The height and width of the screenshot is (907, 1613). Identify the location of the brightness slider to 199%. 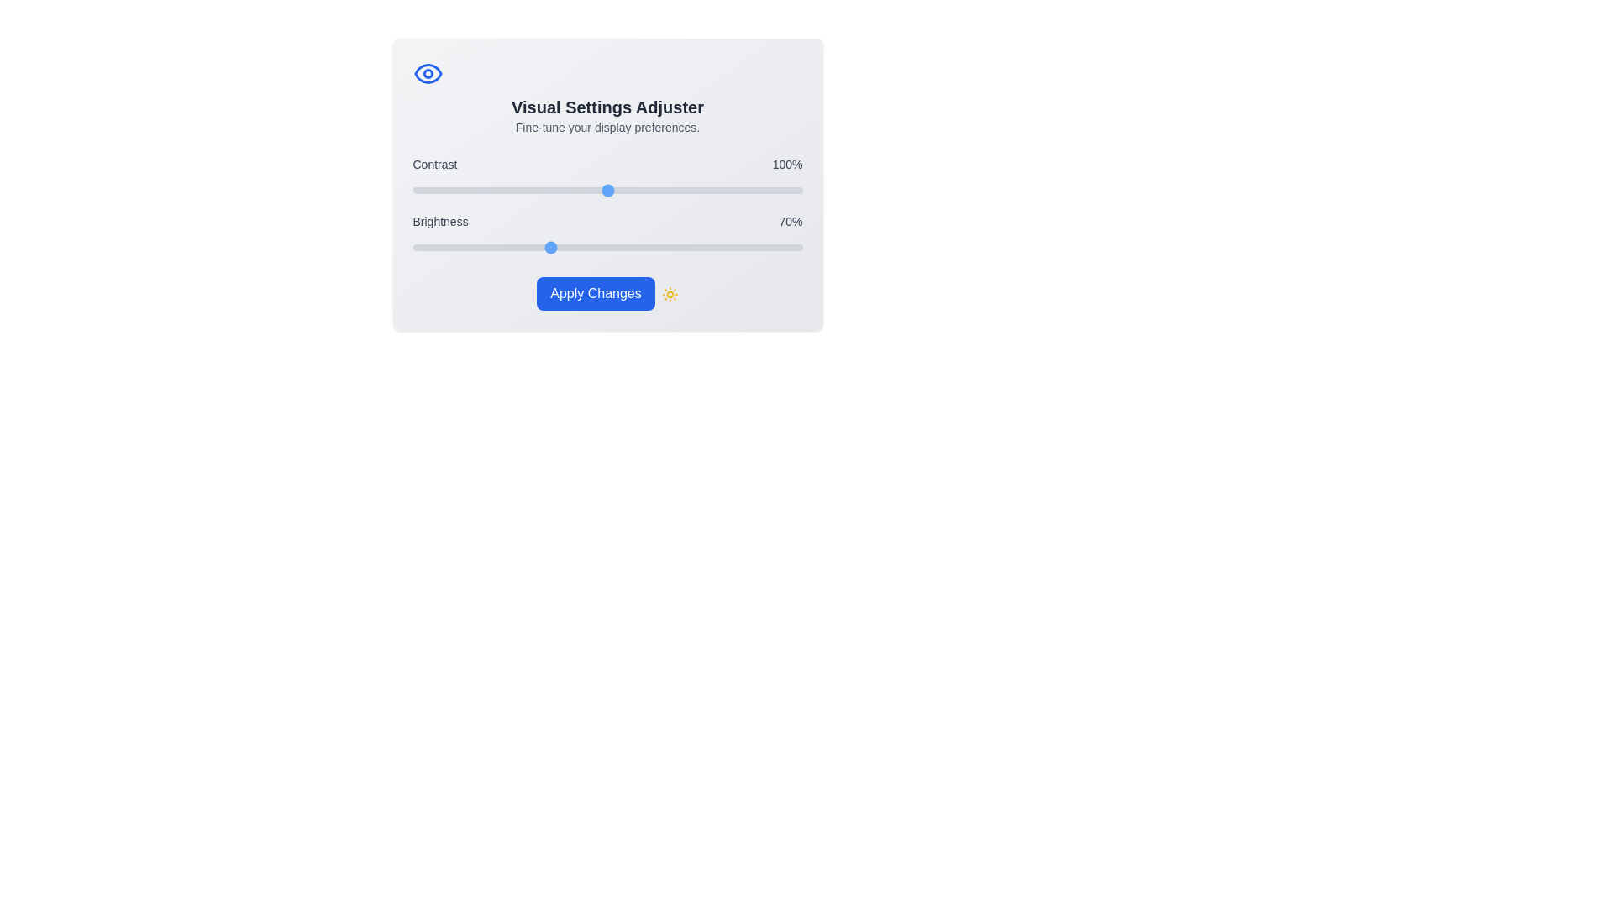
(800, 247).